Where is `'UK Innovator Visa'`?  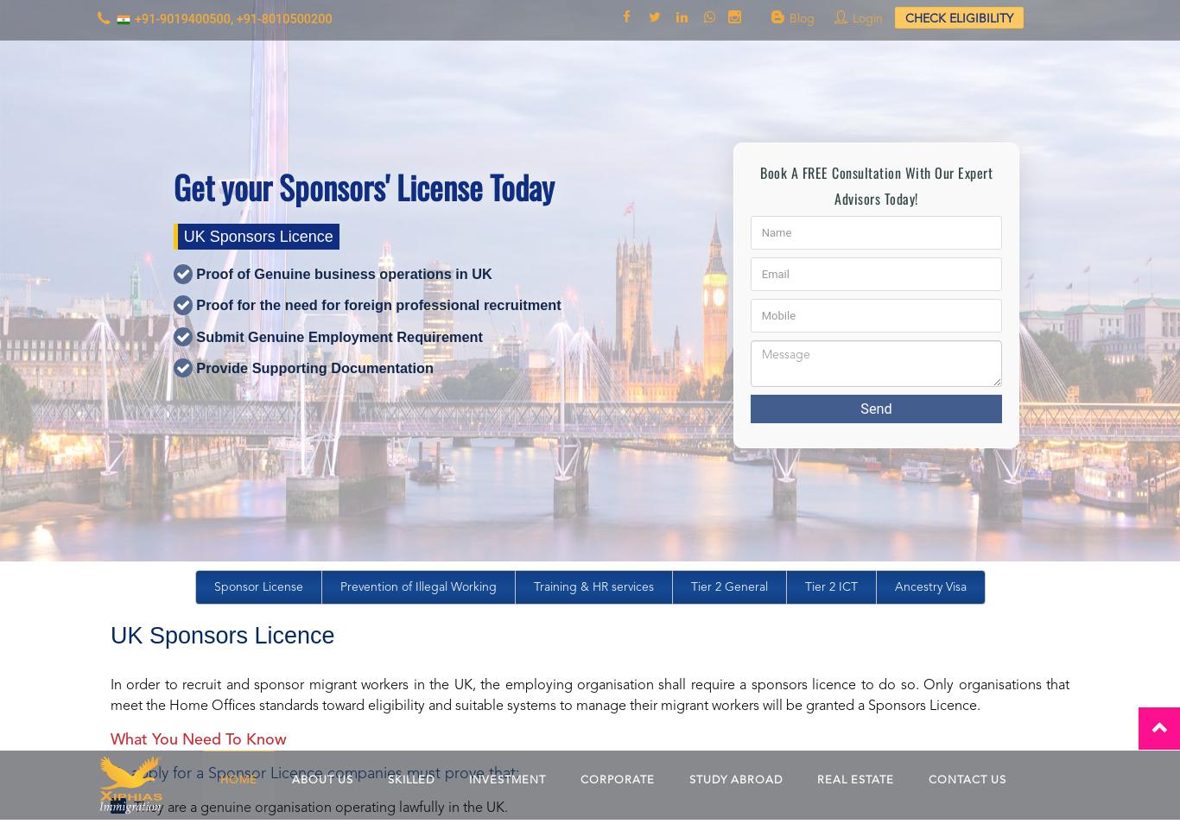
'UK Innovator Visa' is located at coordinates (339, 619).